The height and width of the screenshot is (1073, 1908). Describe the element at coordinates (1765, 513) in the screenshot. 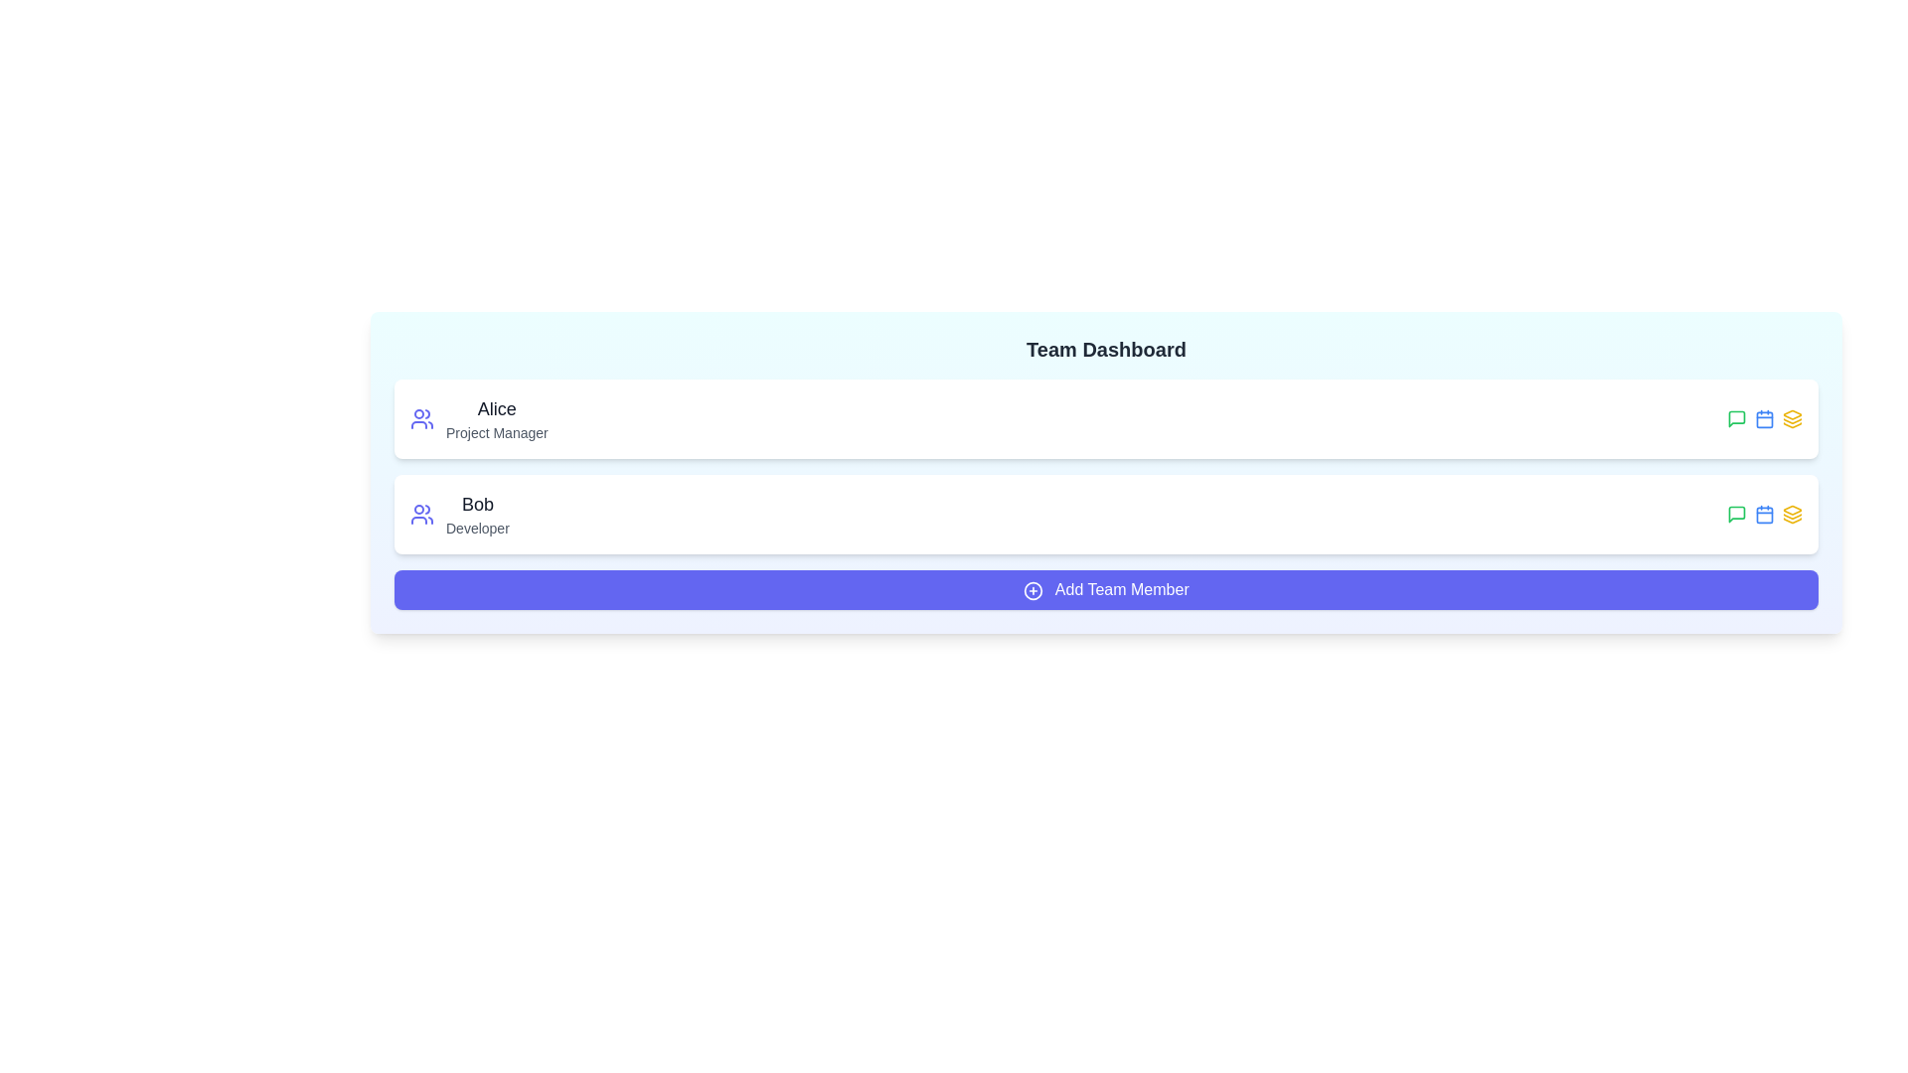

I see `the calendar icon button located as the second icon in the row of three icons on the right side of the 'Bob Developer' card` at that location.